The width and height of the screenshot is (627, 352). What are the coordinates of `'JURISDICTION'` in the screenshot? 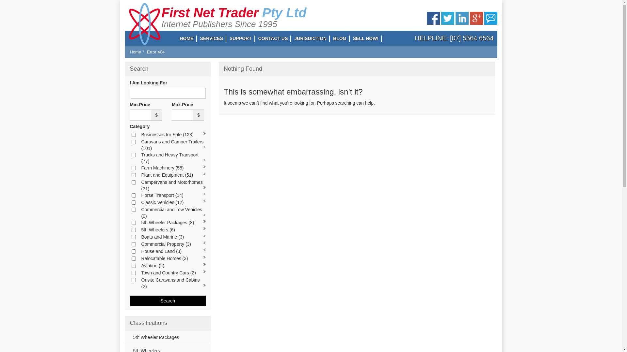 It's located at (310, 38).